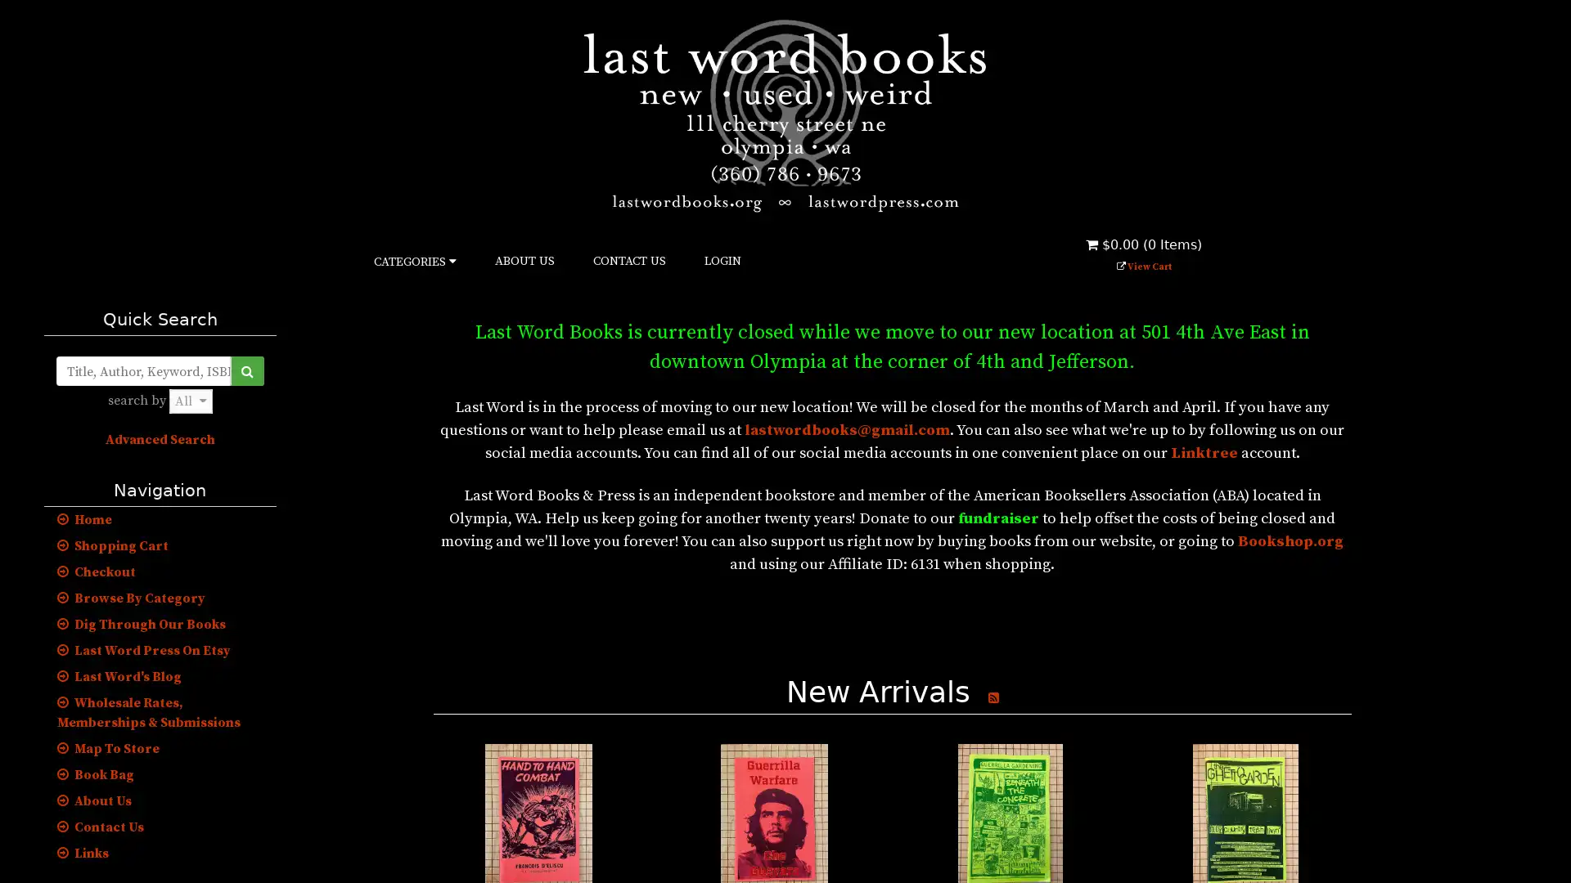 The height and width of the screenshot is (883, 1571). I want to click on All, so click(190, 401).